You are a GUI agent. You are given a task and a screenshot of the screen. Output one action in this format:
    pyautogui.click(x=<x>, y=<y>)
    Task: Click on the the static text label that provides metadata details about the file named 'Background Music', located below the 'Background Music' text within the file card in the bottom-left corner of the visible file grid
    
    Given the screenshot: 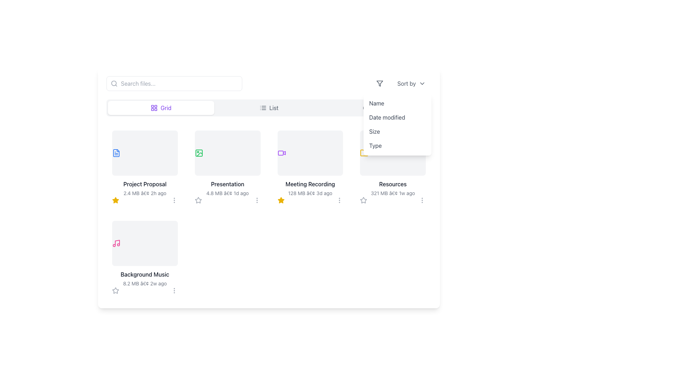 What is the action you would take?
    pyautogui.click(x=144, y=283)
    